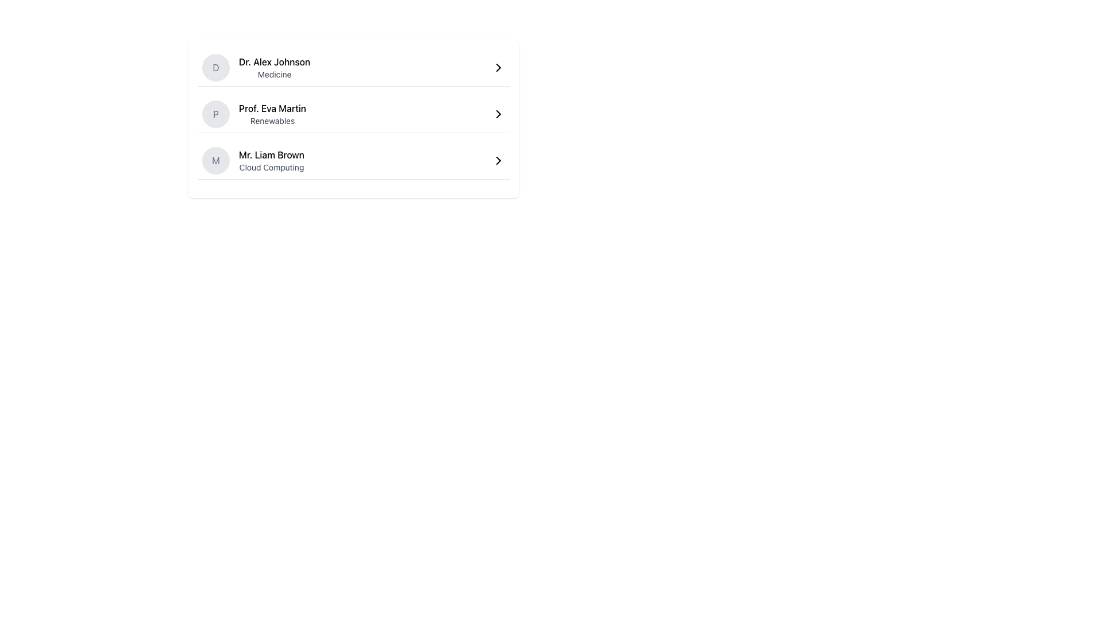 The width and height of the screenshot is (1103, 620). I want to click on the interactive list item displaying 'Prof. Eva Martin' with the subtitle 'Renewables', so click(353, 114).